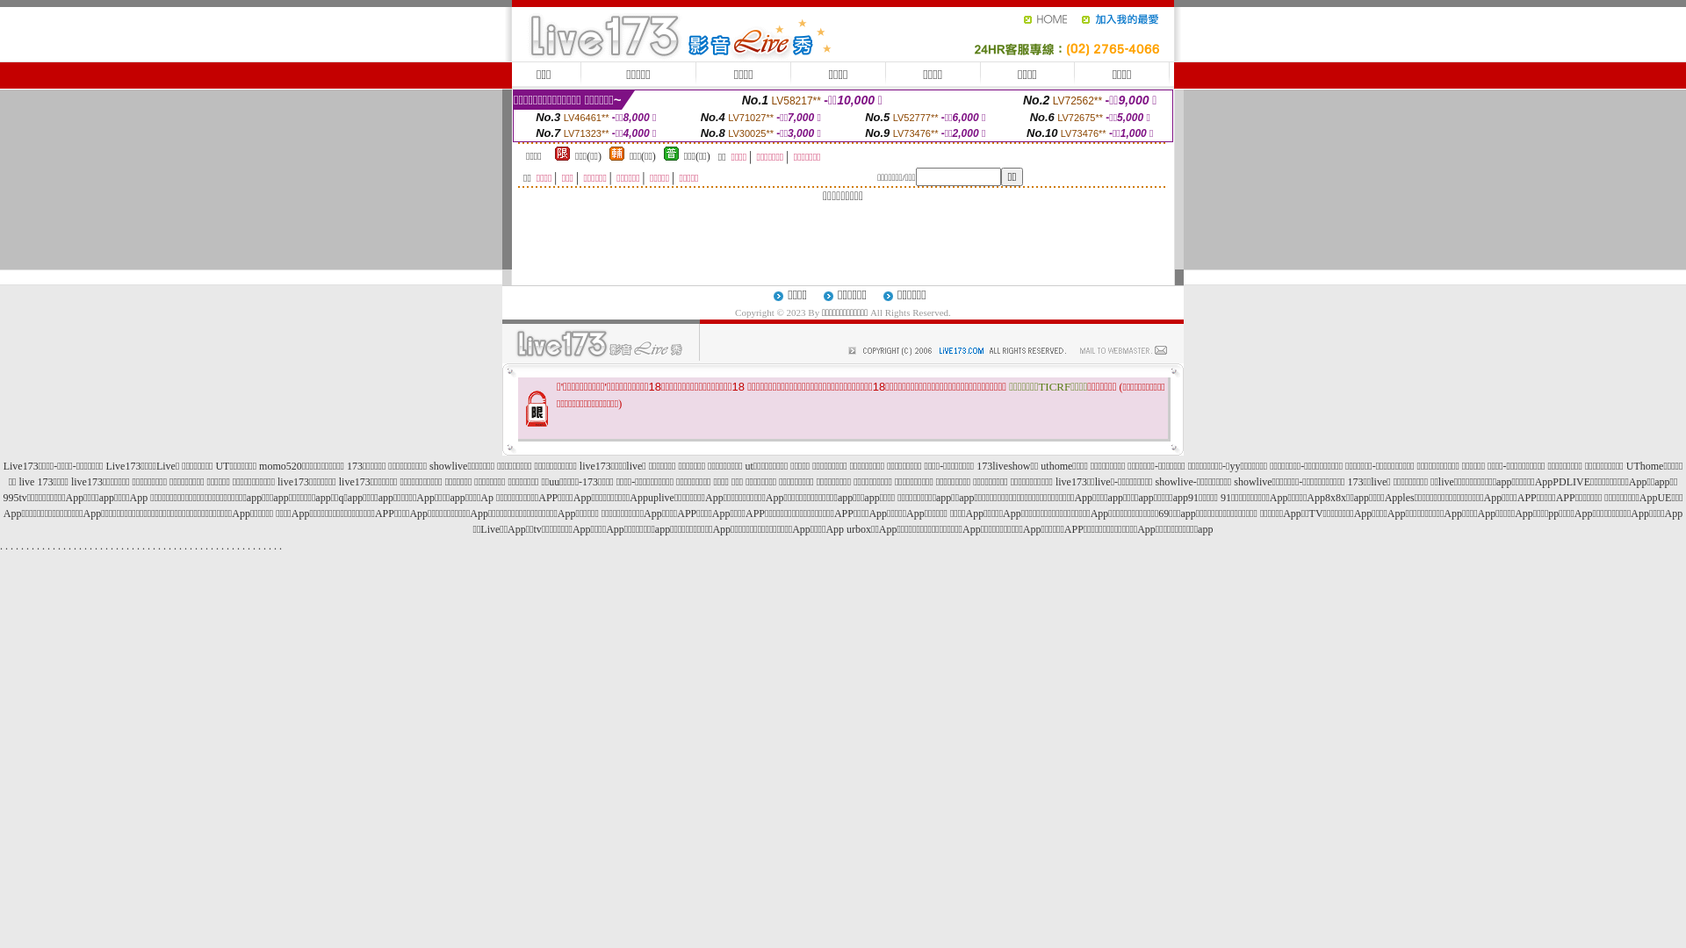 This screenshot has width=1686, height=948. Describe the element at coordinates (16, 544) in the screenshot. I see `'.'` at that location.